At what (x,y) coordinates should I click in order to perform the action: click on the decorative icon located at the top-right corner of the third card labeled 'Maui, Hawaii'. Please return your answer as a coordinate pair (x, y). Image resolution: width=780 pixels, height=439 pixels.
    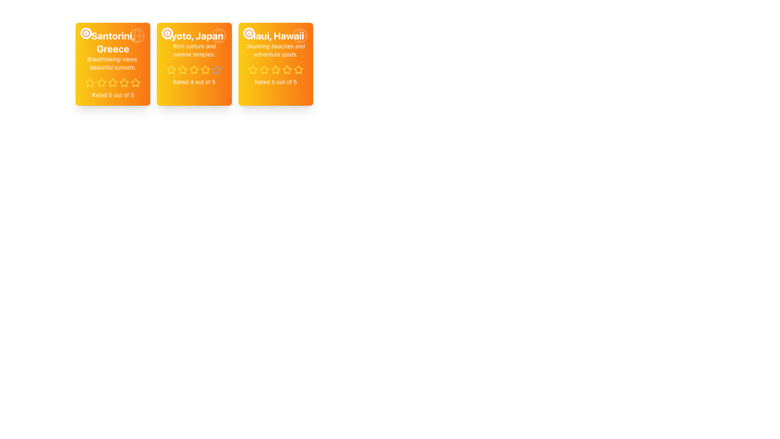
    Looking at the image, I should click on (300, 35).